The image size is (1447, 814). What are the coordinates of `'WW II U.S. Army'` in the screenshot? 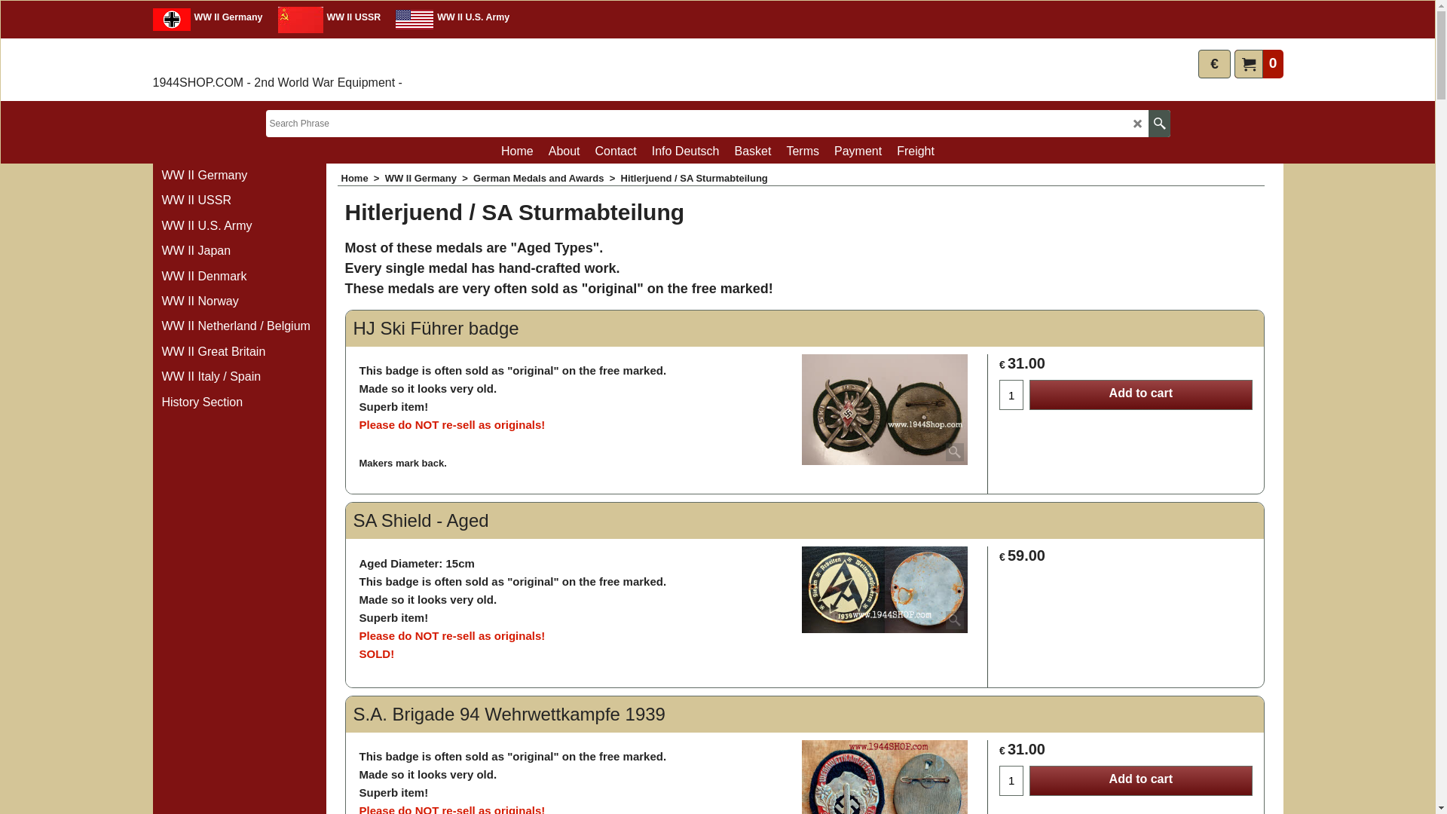 It's located at (448, 20).